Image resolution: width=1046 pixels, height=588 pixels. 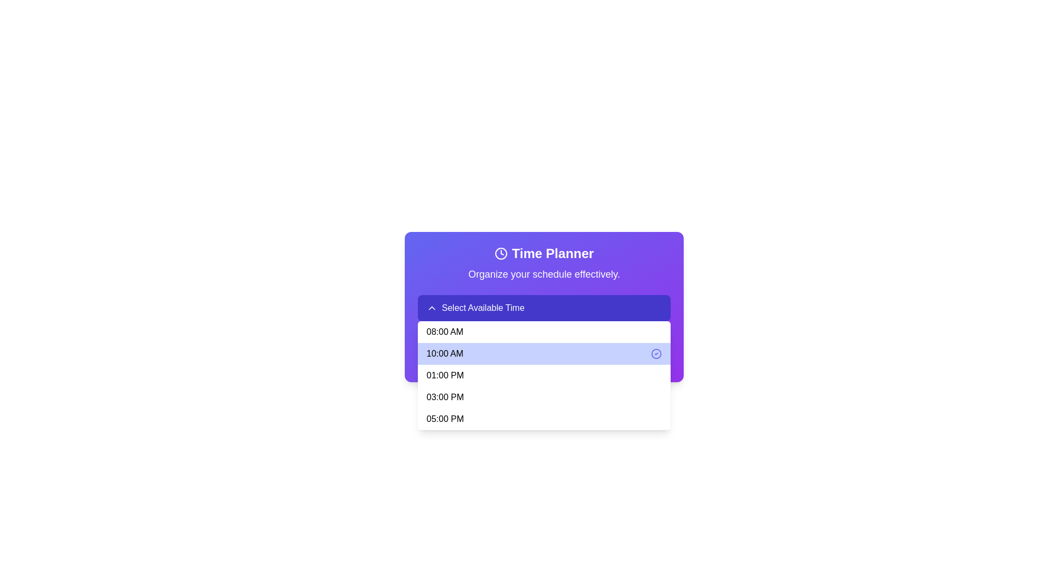 I want to click on header component titled 'Time Planner' with the subtitle 'Organize your schedule effectively.' which is located at the top center of the interface, above the 'Select Available Time' section, so click(x=544, y=263).